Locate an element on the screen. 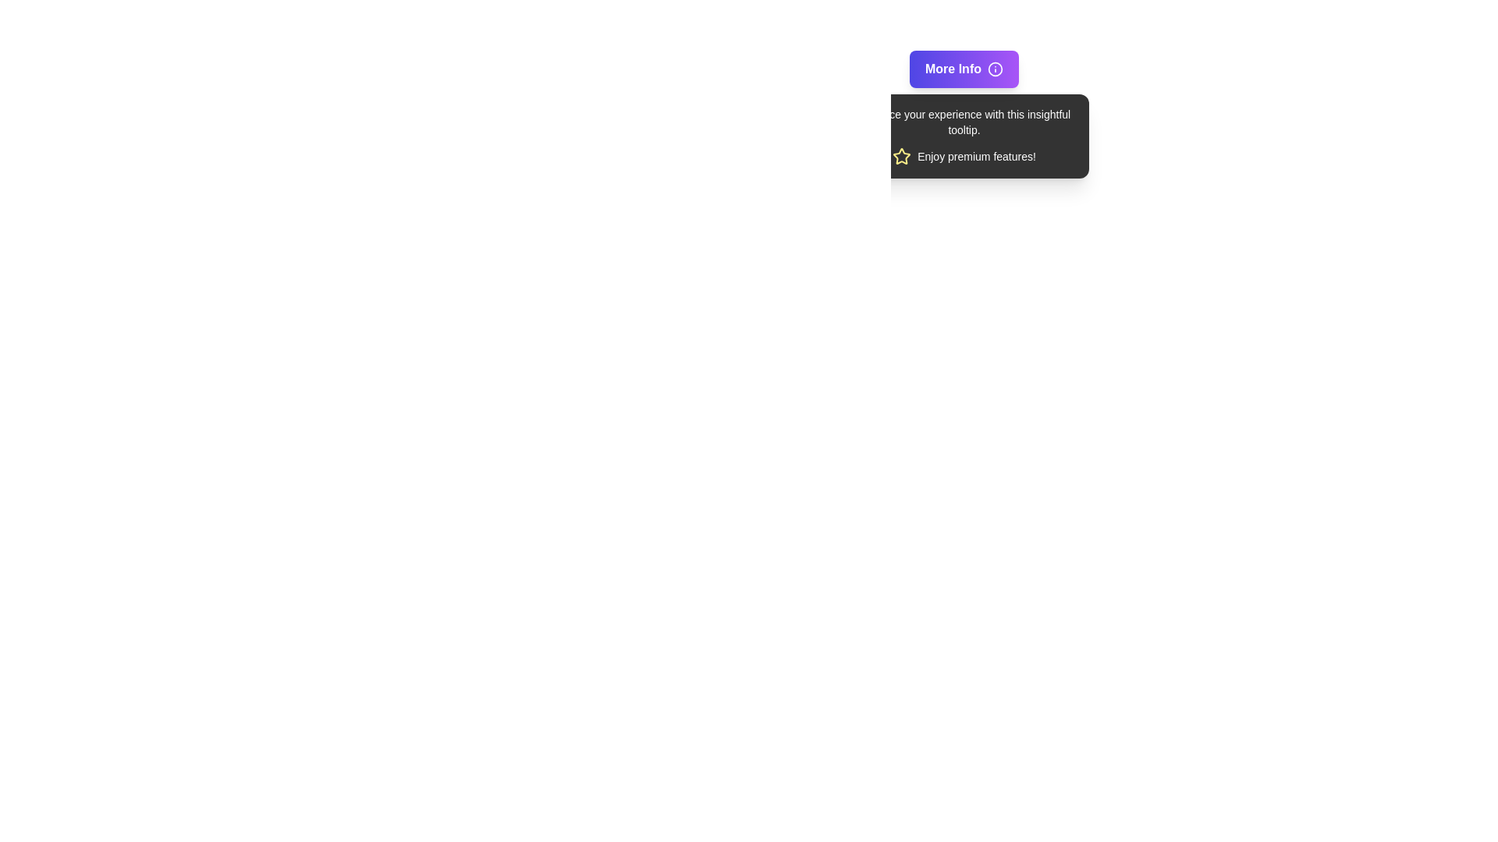 The width and height of the screenshot is (1498, 842). the circular graphical component within the tooltip interface adjacent to the 'More Info' button is located at coordinates (995, 68).